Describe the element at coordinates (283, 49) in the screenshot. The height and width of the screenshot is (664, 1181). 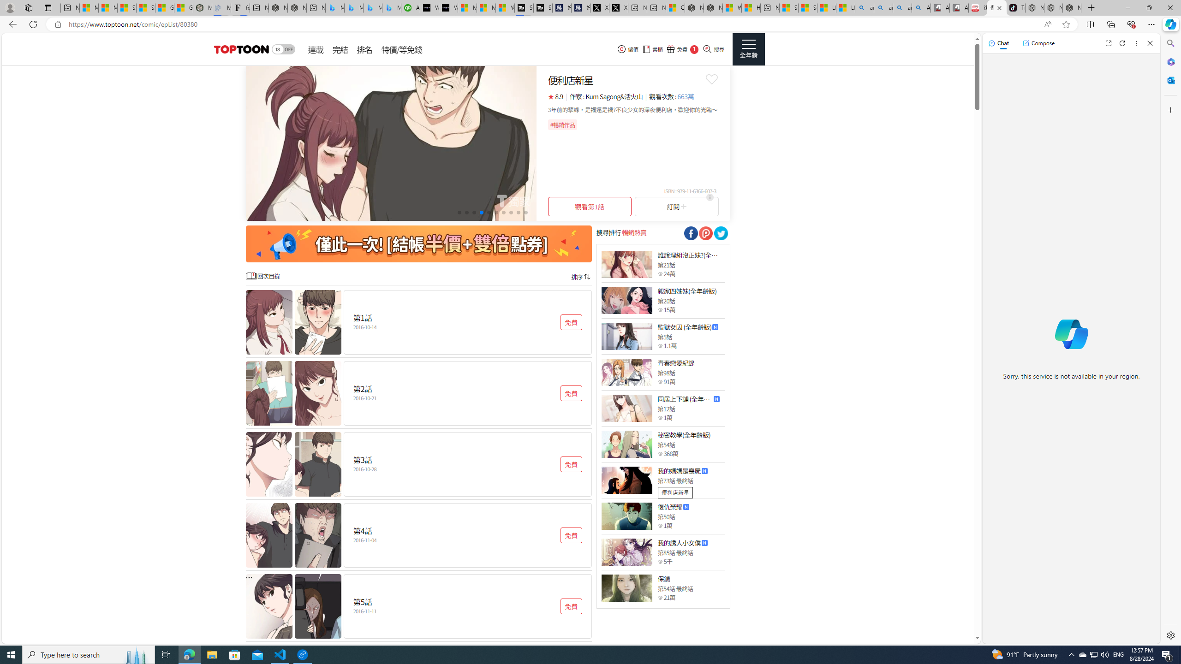
I see `'Class:  switch_18mode actionAdultBtn'` at that location.